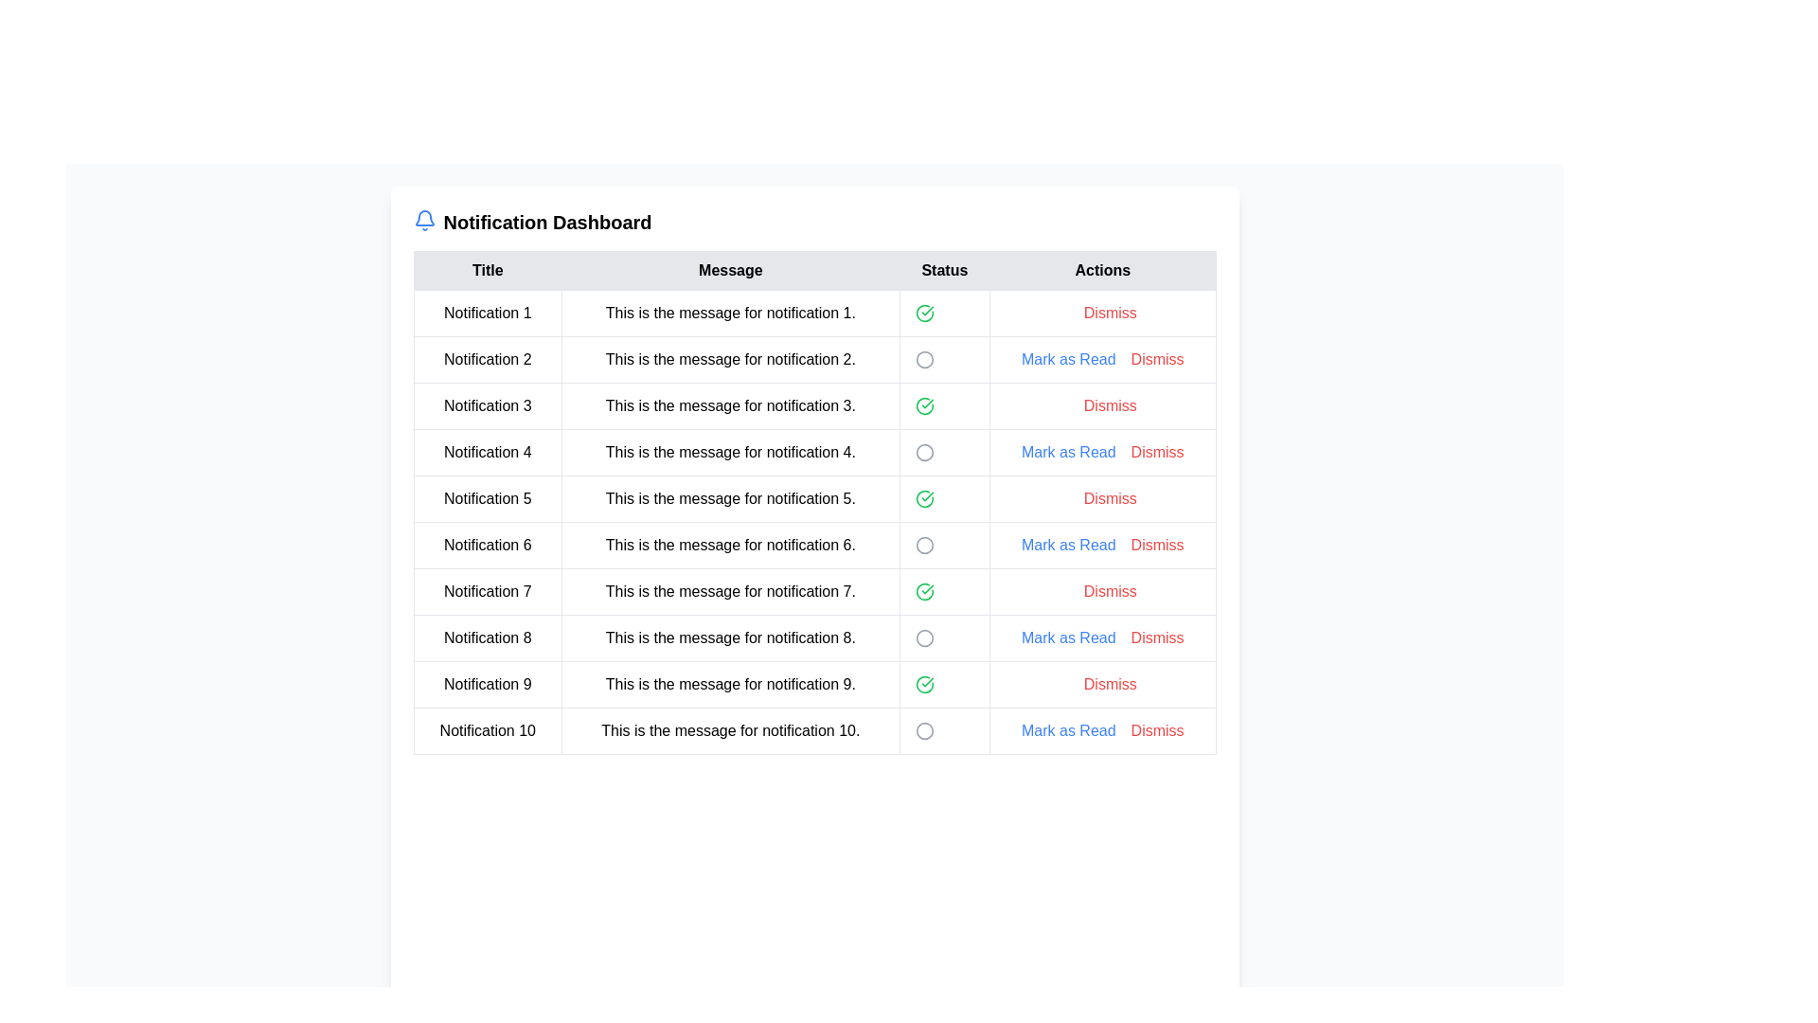 The width and height of the screenshot is (1818, 1023). What do you see at coordinates (1068, 729) in the screenshot?
I see `the link in the 'Actions' column of the last row` at bounding box center [1068, 729].